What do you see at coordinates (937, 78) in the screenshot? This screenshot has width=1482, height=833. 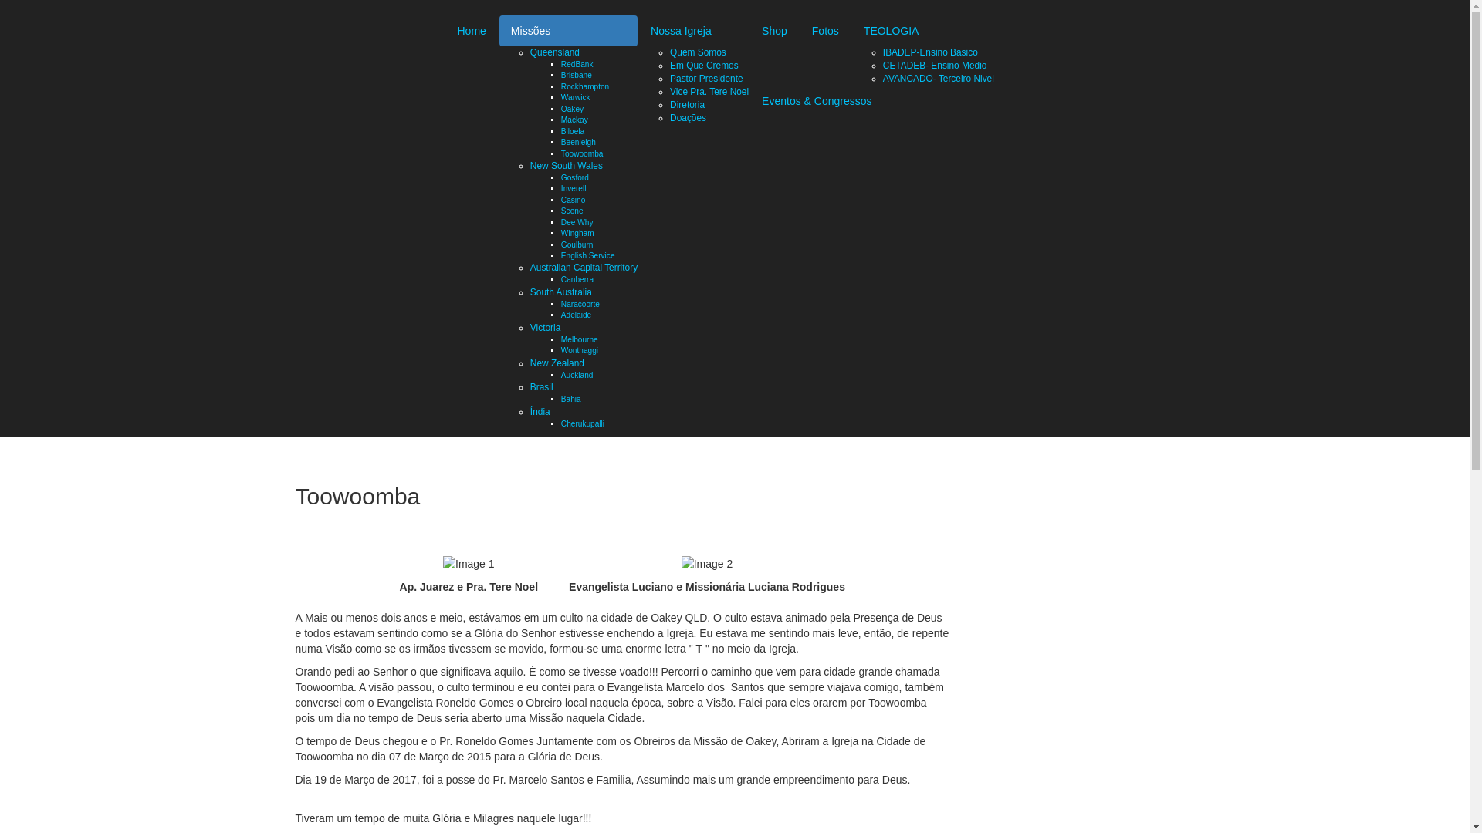 I see `'AVANCADO- Terceiro Nivel'` at bounding box center [937, 78].